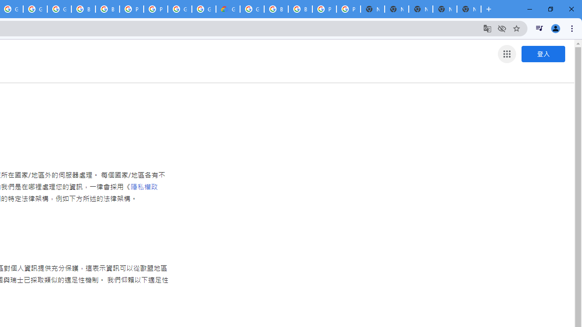  What do you see at coordinates (487, 28) in the screenshot?
I see `'Translate this page'` at bounding box center [487, 28].